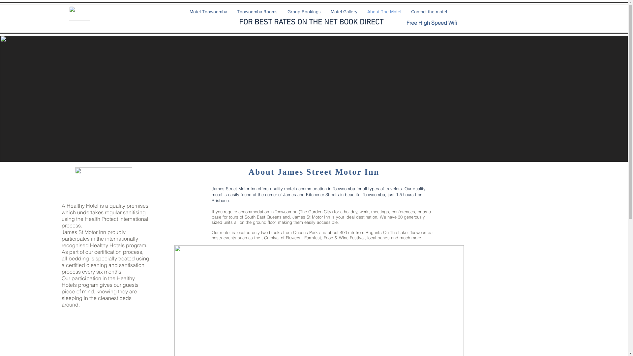 Image resolution: width=633 pixels, height=356 pixels. What do you see at coordinates (384, 11) in the screenshot?
I see `'About The Motel'` at bounding box center [384, 11].